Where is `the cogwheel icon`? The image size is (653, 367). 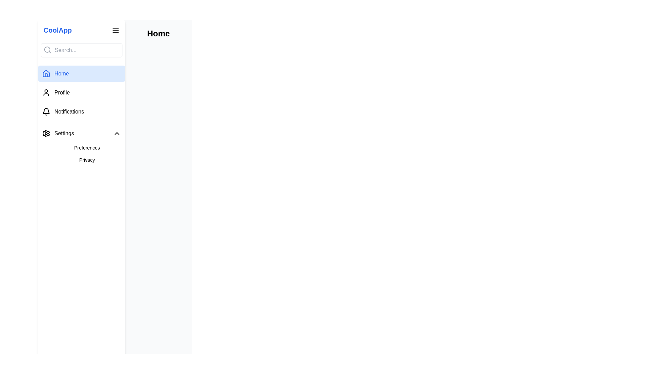 the cogwheel icon is located at coordinates (46, 134).